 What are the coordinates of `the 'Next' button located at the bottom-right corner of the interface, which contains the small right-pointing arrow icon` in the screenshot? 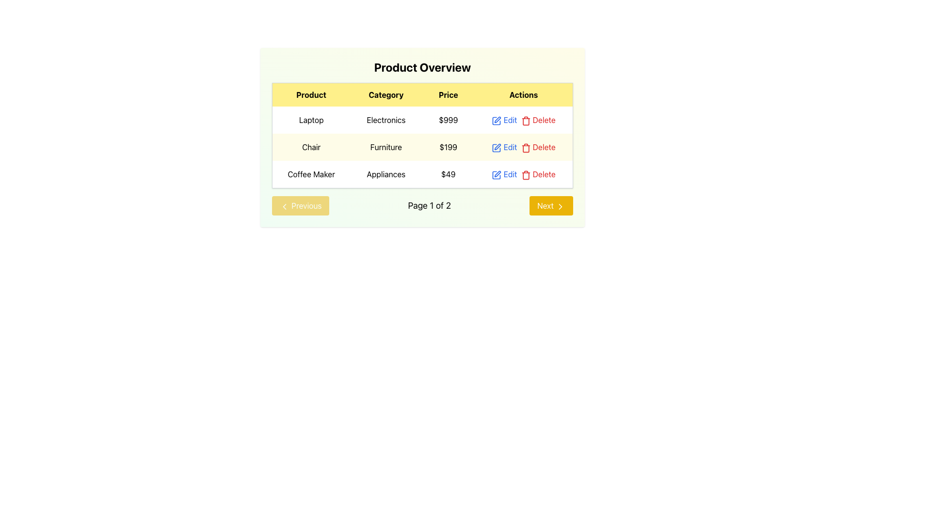 It's located at (561, 205).